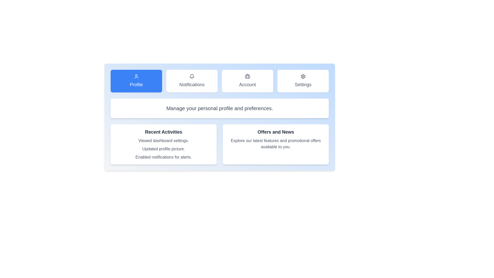  Describe the element at coordinates (136, 81) in the screenshot. I see `the profile navigation button located at the top left of the group of four horizontally aligned buttons` at that location.